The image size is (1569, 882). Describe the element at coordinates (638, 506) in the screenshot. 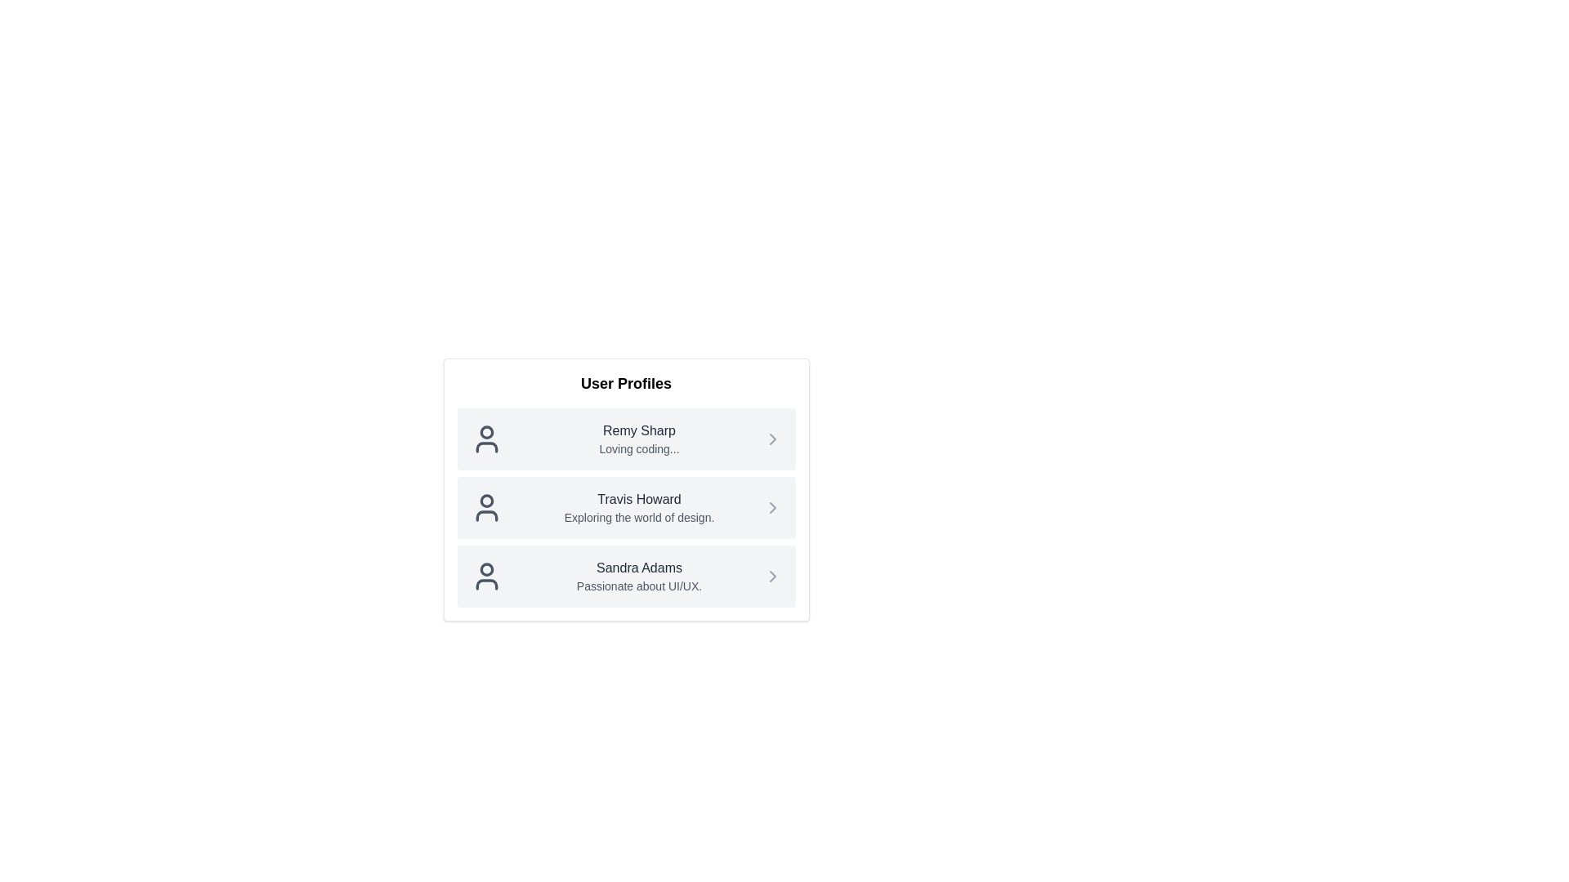

I see `the second profile entry in the 'User Profiles' list, which displays the user's name and description, positioned between 'Remy Sharp' and 'Sandra Adams'` at that location.